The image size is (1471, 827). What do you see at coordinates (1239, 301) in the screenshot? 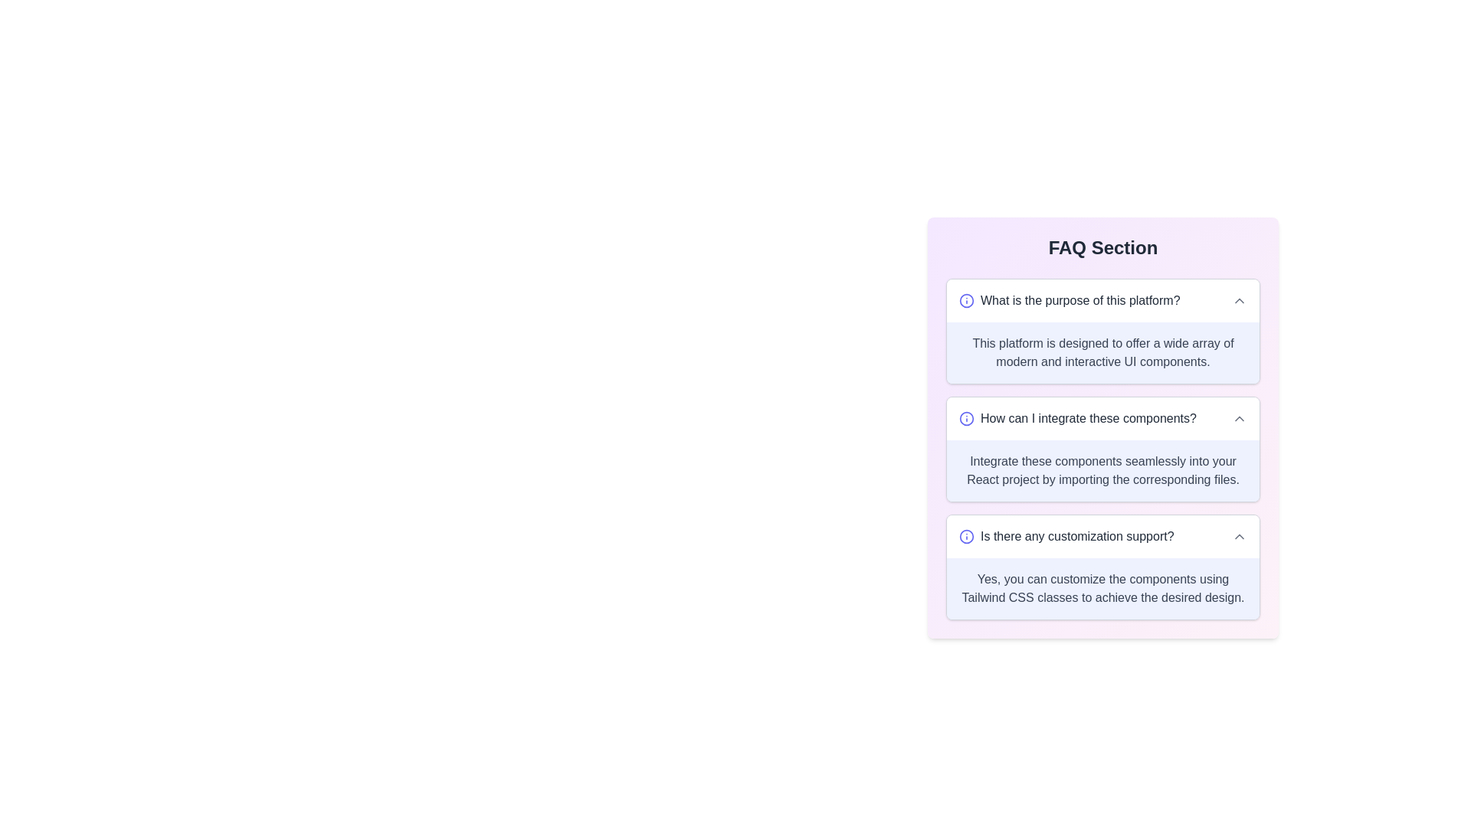
I see `the Chevron-Up icon button located on the far-right side of the question 'What is the purpose of this platform?'` at bounding box center [1239, 301].